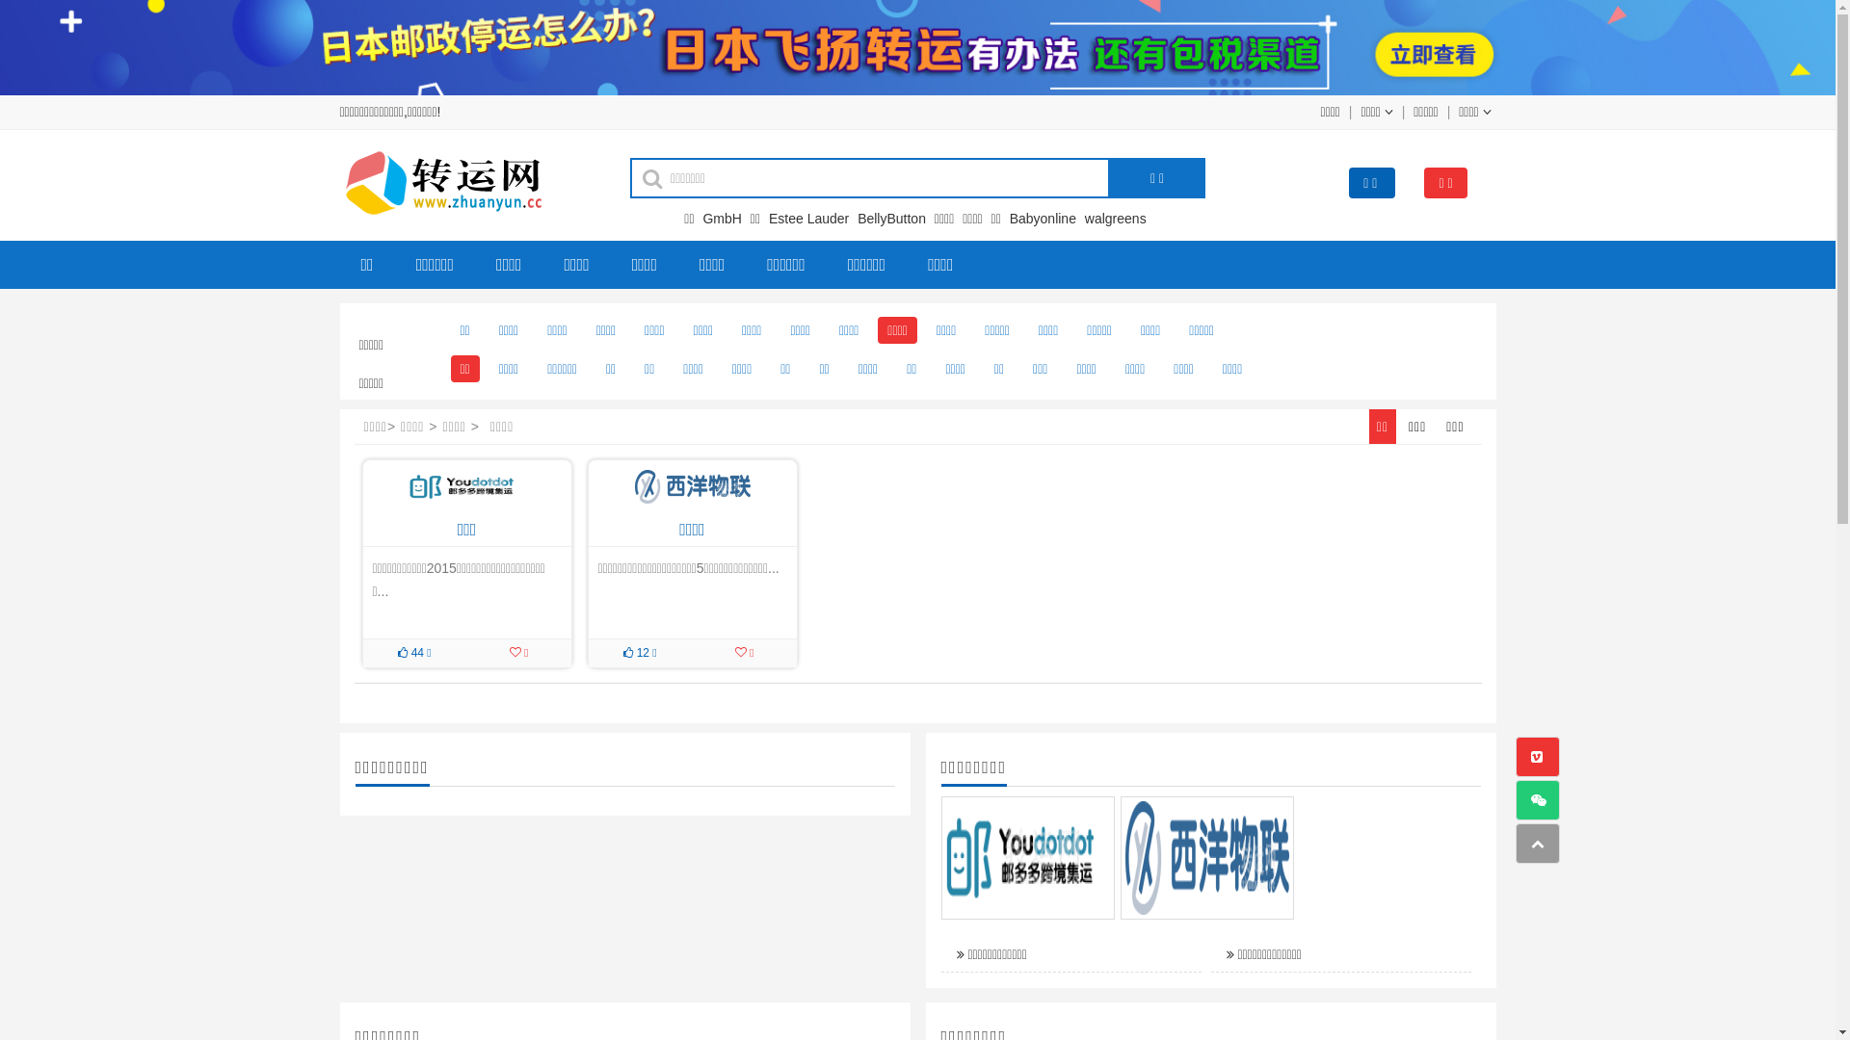  I want to click on 'walgreens', so click(1118, 218).